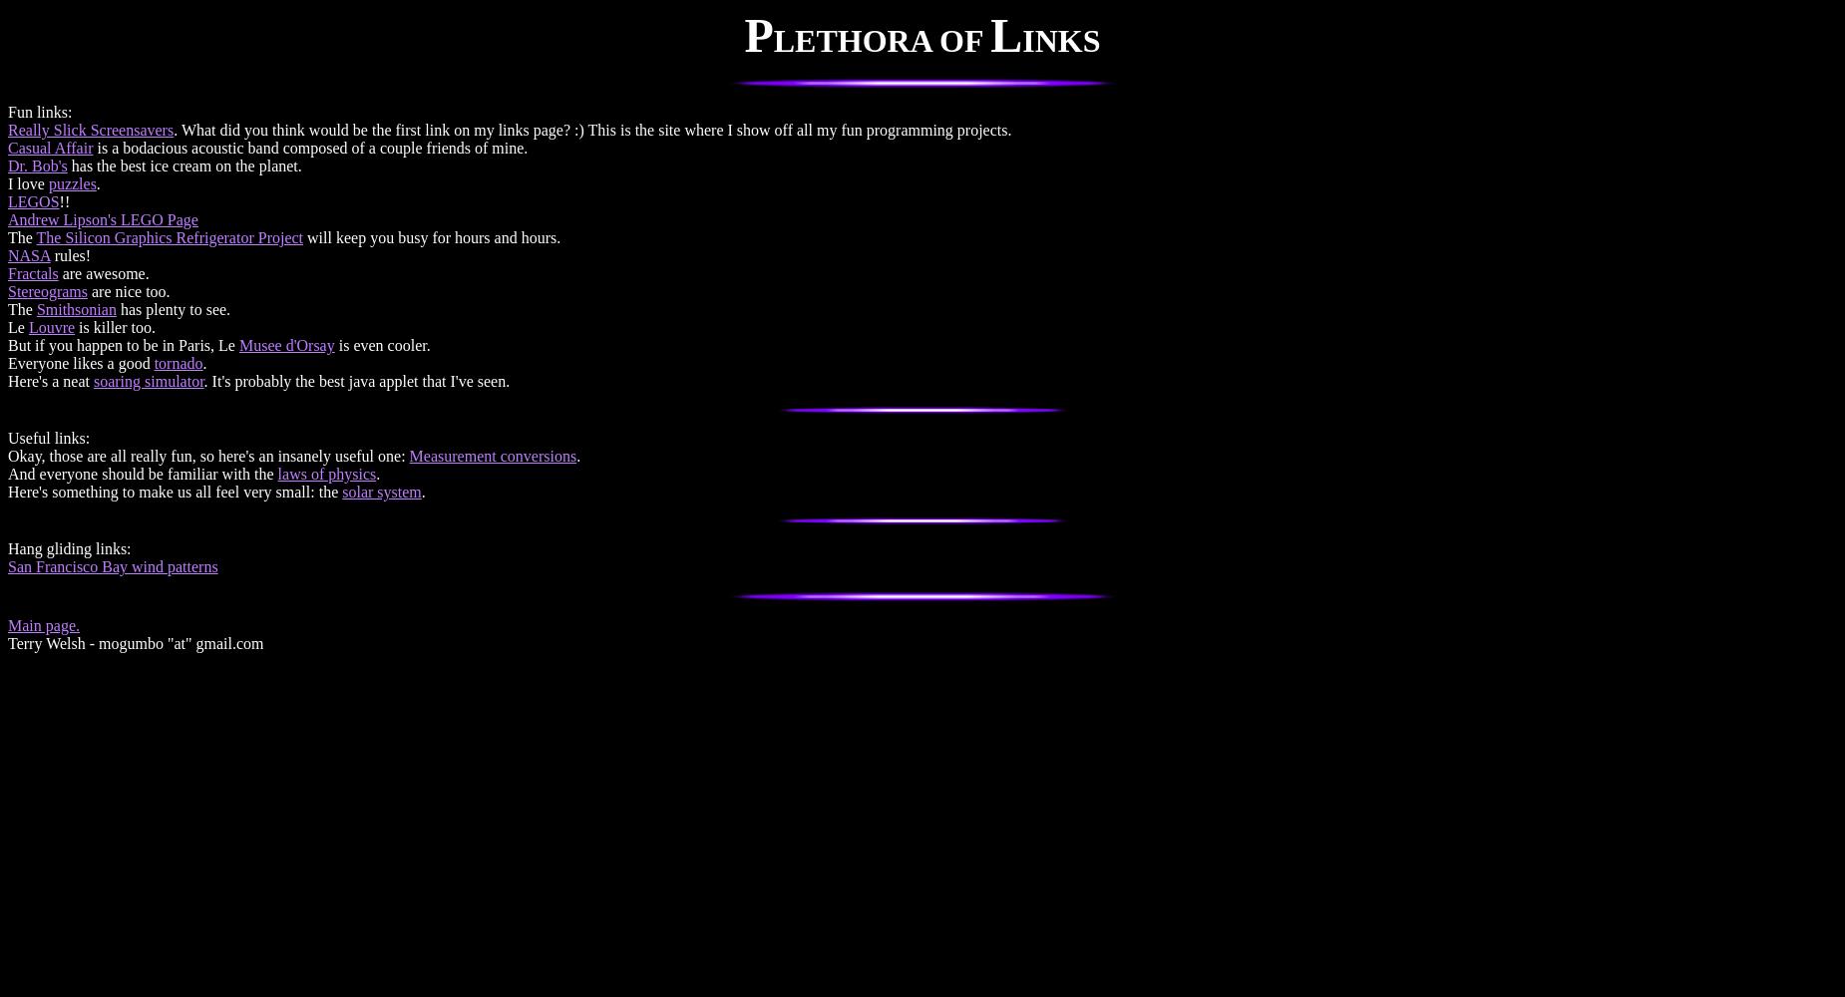  What do you see at coordinates (80, 362) in the screenshot?
I see `'Everyone likes a good'` at bounding box center [80, 362].